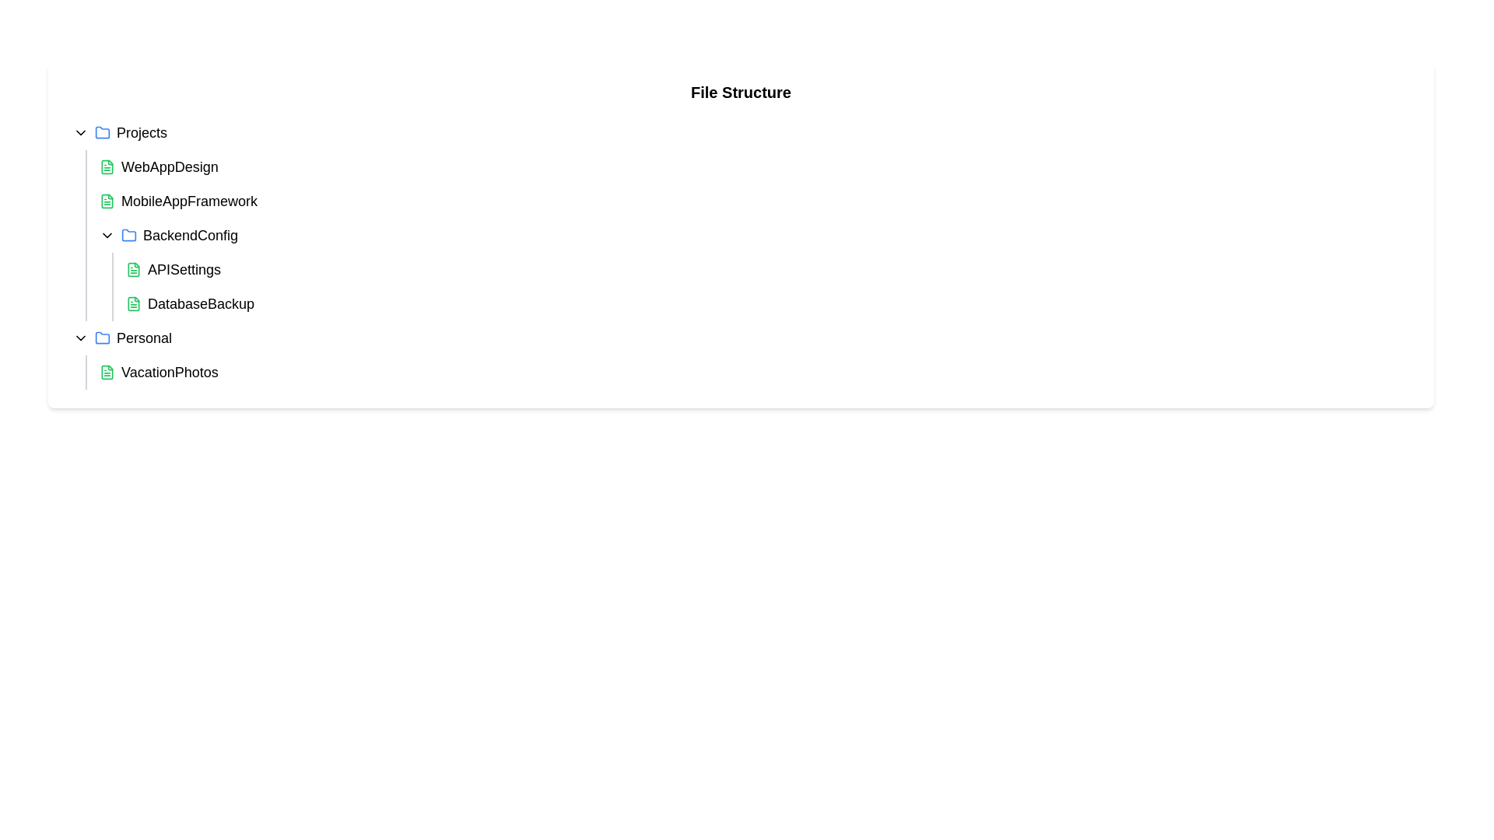  I want to click on the 'APISettings' text label located under the 'BackendConfig' folder, so click(184, 269).